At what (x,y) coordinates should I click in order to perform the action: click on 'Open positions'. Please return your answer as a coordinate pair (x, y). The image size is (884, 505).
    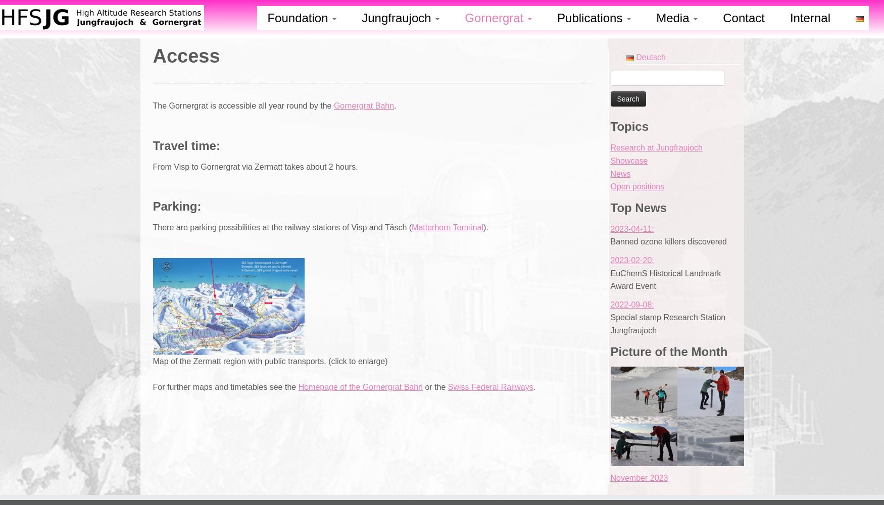
    Looking at the image, I should click on (636, 186).